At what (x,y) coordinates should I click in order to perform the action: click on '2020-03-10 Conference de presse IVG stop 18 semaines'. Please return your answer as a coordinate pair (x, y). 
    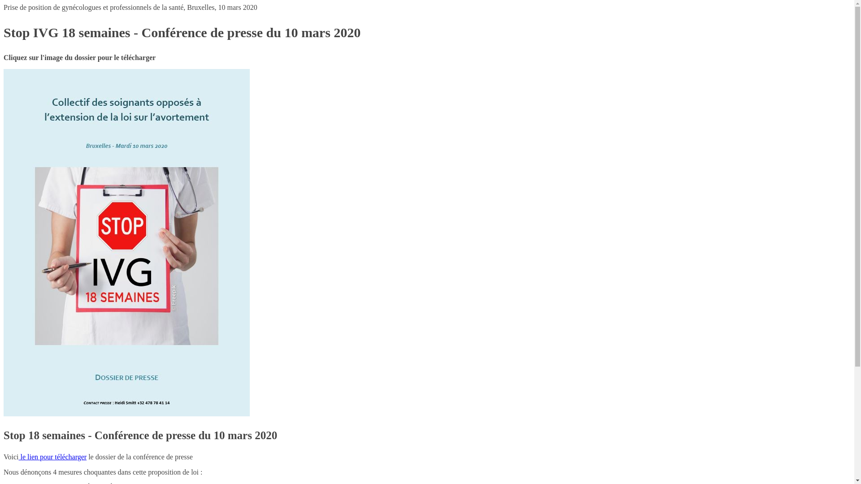
    Looking at the image, I should click on (126, 242).